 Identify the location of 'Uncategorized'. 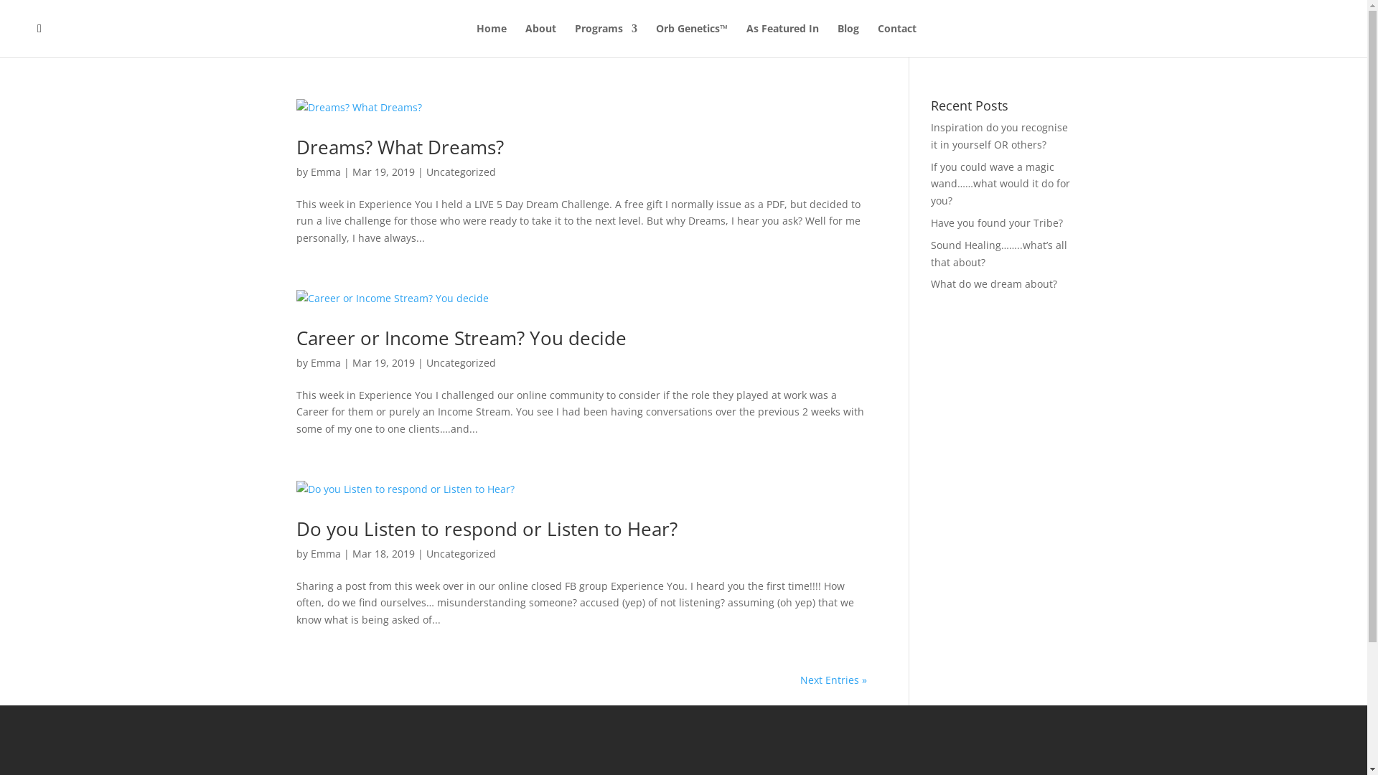
(461, 171).